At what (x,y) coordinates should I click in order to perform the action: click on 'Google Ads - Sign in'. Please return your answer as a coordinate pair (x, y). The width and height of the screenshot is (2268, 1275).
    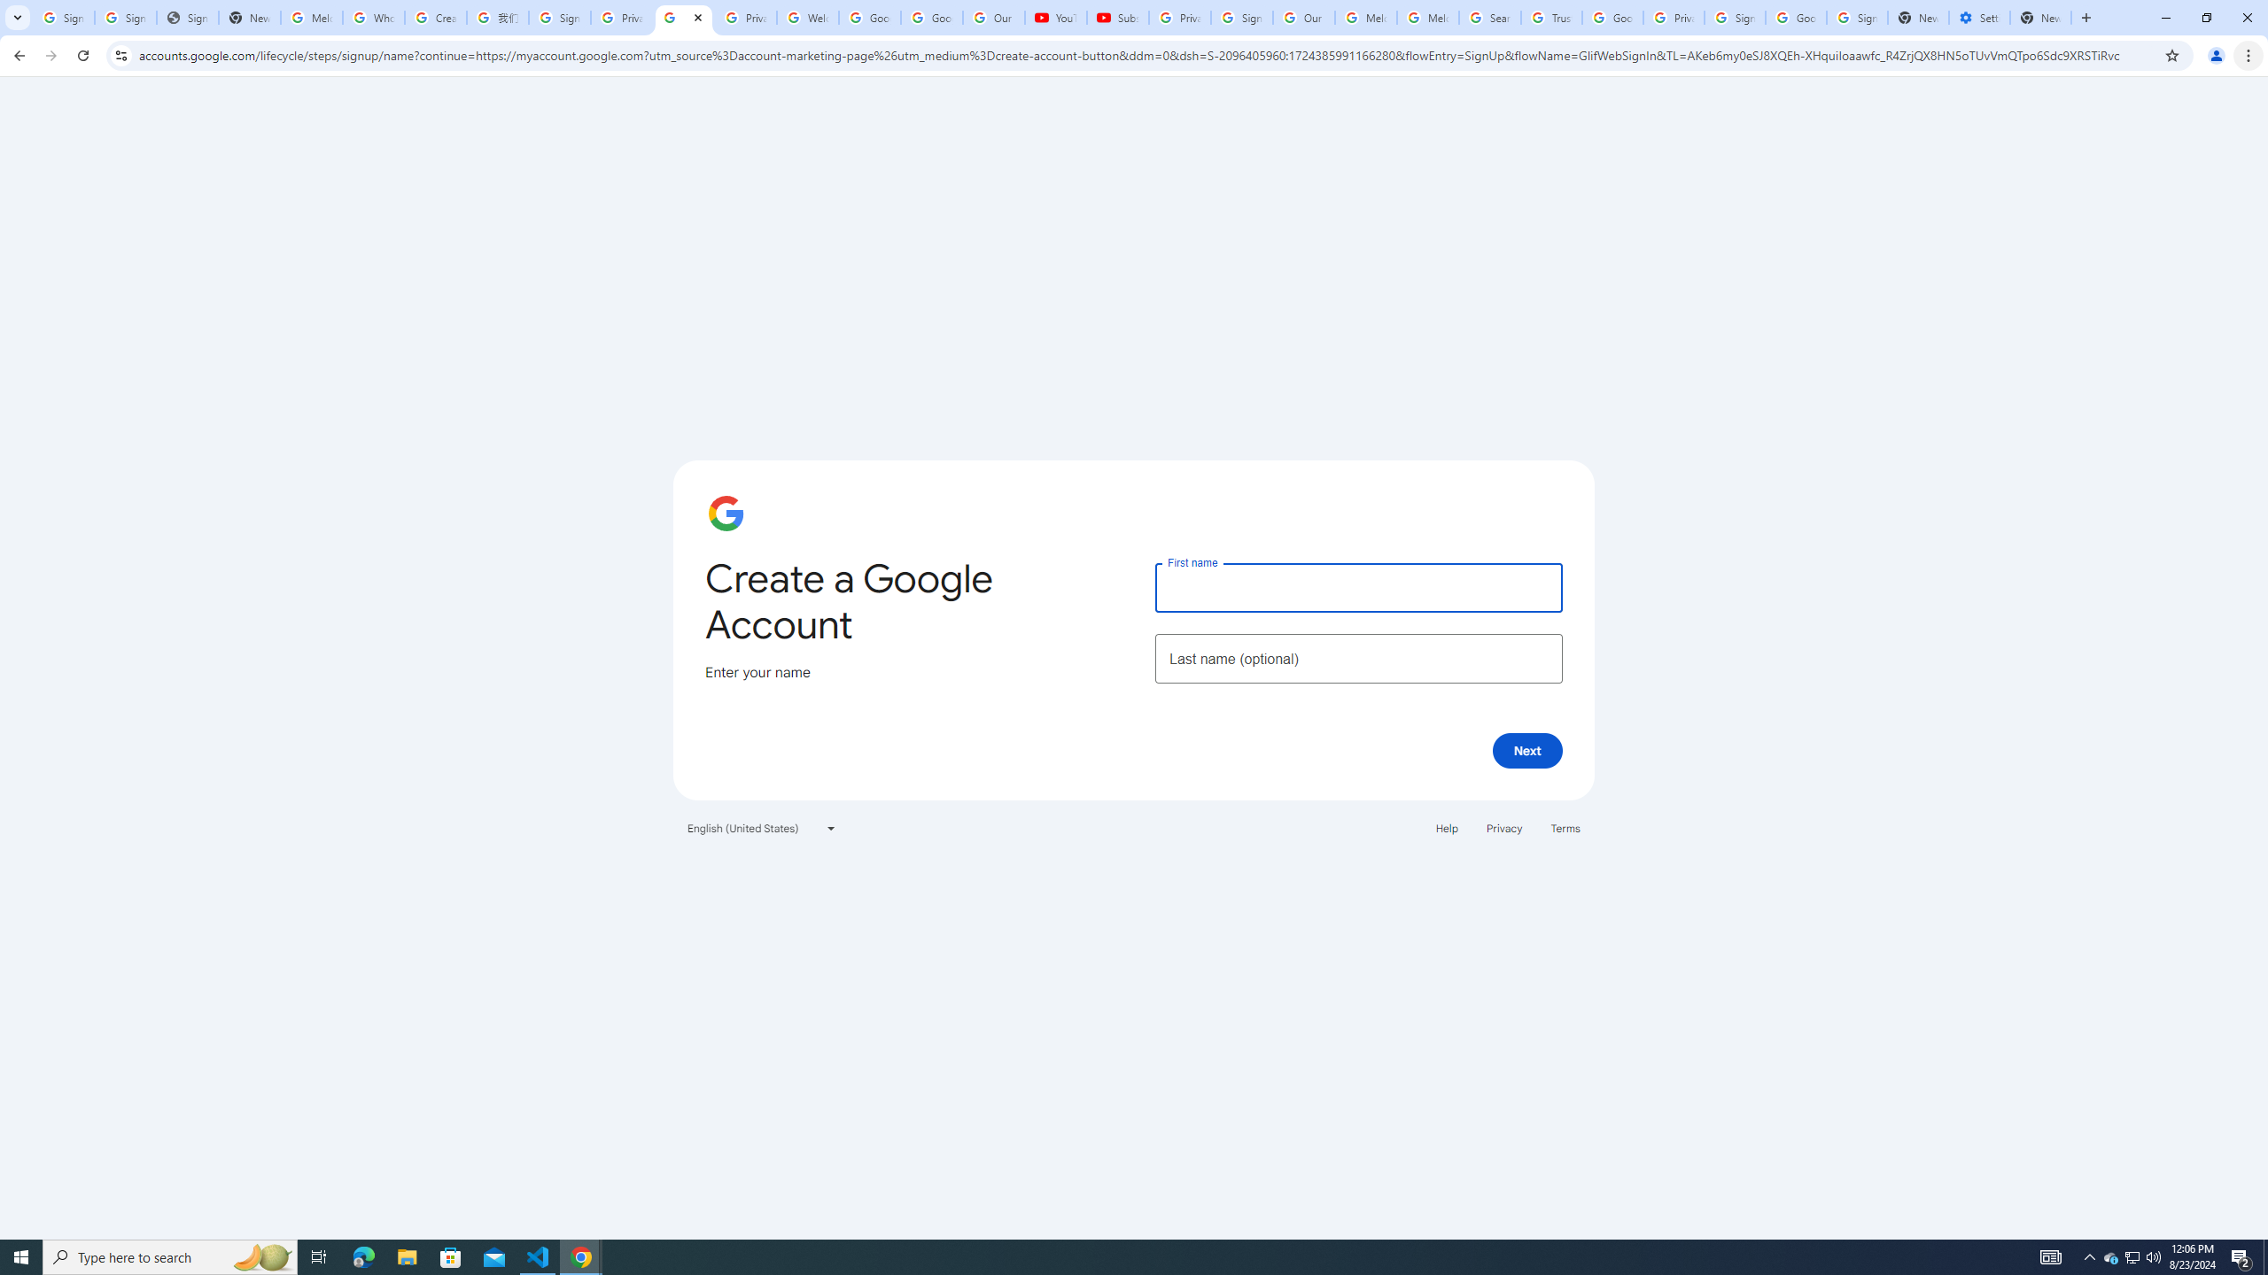
    Looking at the image, I should click on (1612, 17).